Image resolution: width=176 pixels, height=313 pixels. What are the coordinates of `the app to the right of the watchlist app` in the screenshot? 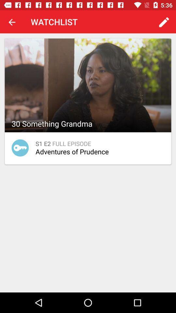 It's located at (164, 22).